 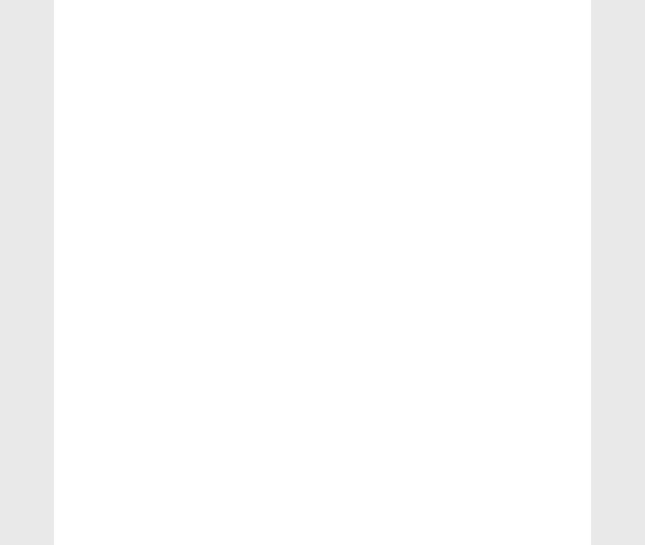 What do you see at coordinates (118, 208) in the screenshot?
I see `'Teaching by Chanakya'` at bounding box center [118, 208].